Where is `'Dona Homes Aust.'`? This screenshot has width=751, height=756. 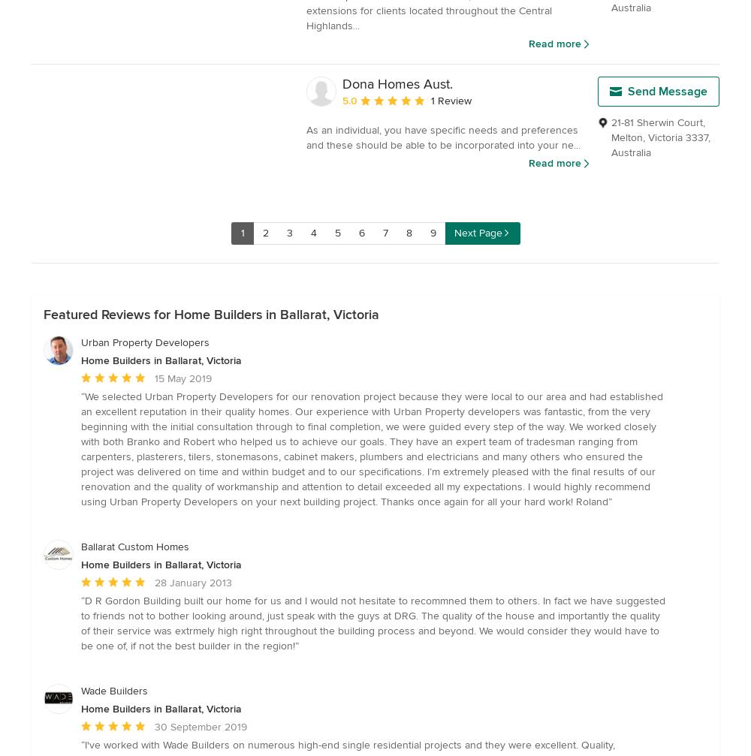
'Dona Homes Aust.' is located at coordinates (397, 83).